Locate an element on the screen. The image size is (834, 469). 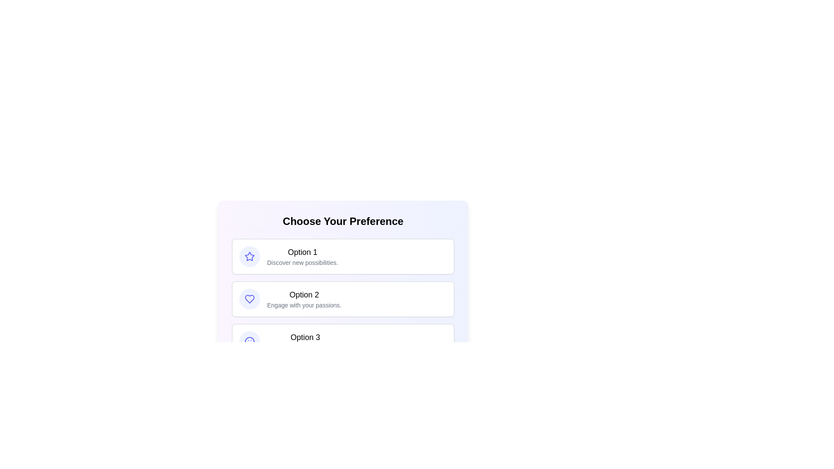
the second item in the vertically stacked list of options is located at coordinates (343, 299).